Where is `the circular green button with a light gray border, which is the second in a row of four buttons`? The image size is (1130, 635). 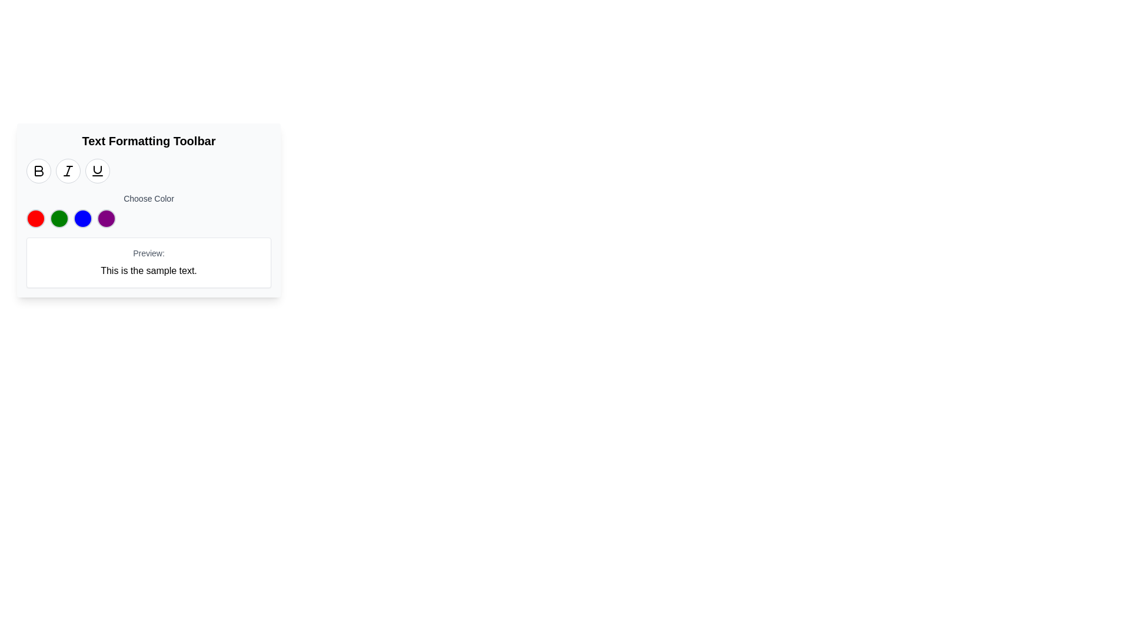
the circular green button with a light gray border, which is the second in a row of four buttons is located at coordinates (58, 218).